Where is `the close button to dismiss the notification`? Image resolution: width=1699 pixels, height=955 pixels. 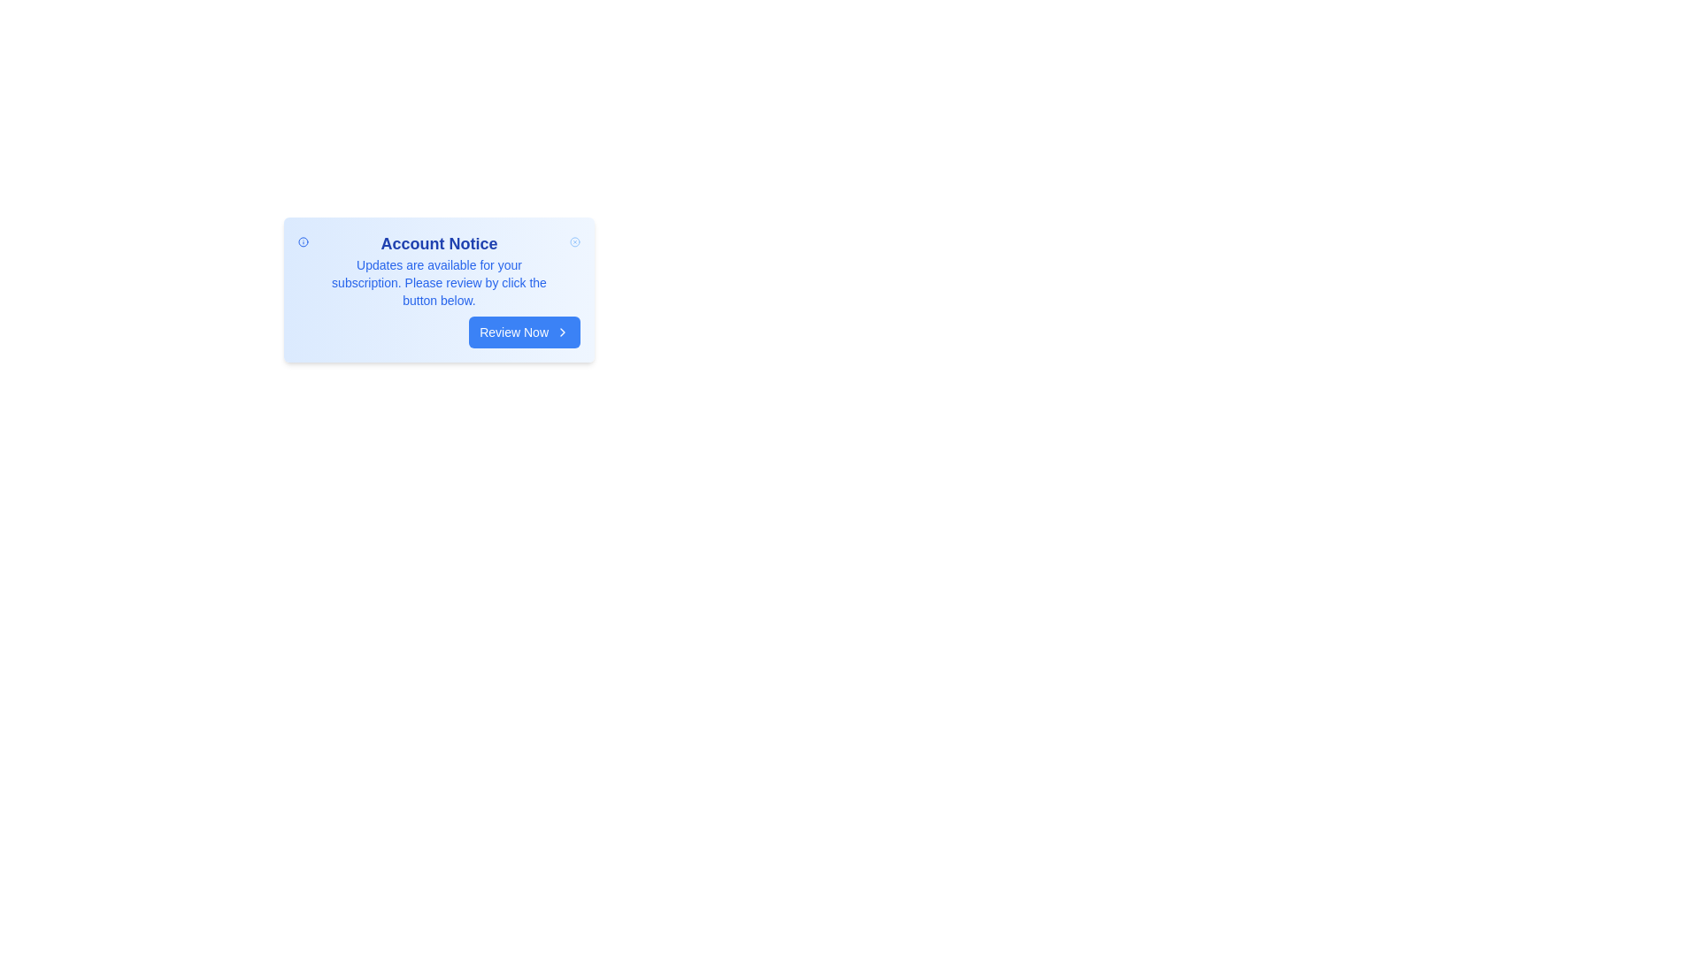 the close button to dismiss the notification is located at coordinates (574, 241).